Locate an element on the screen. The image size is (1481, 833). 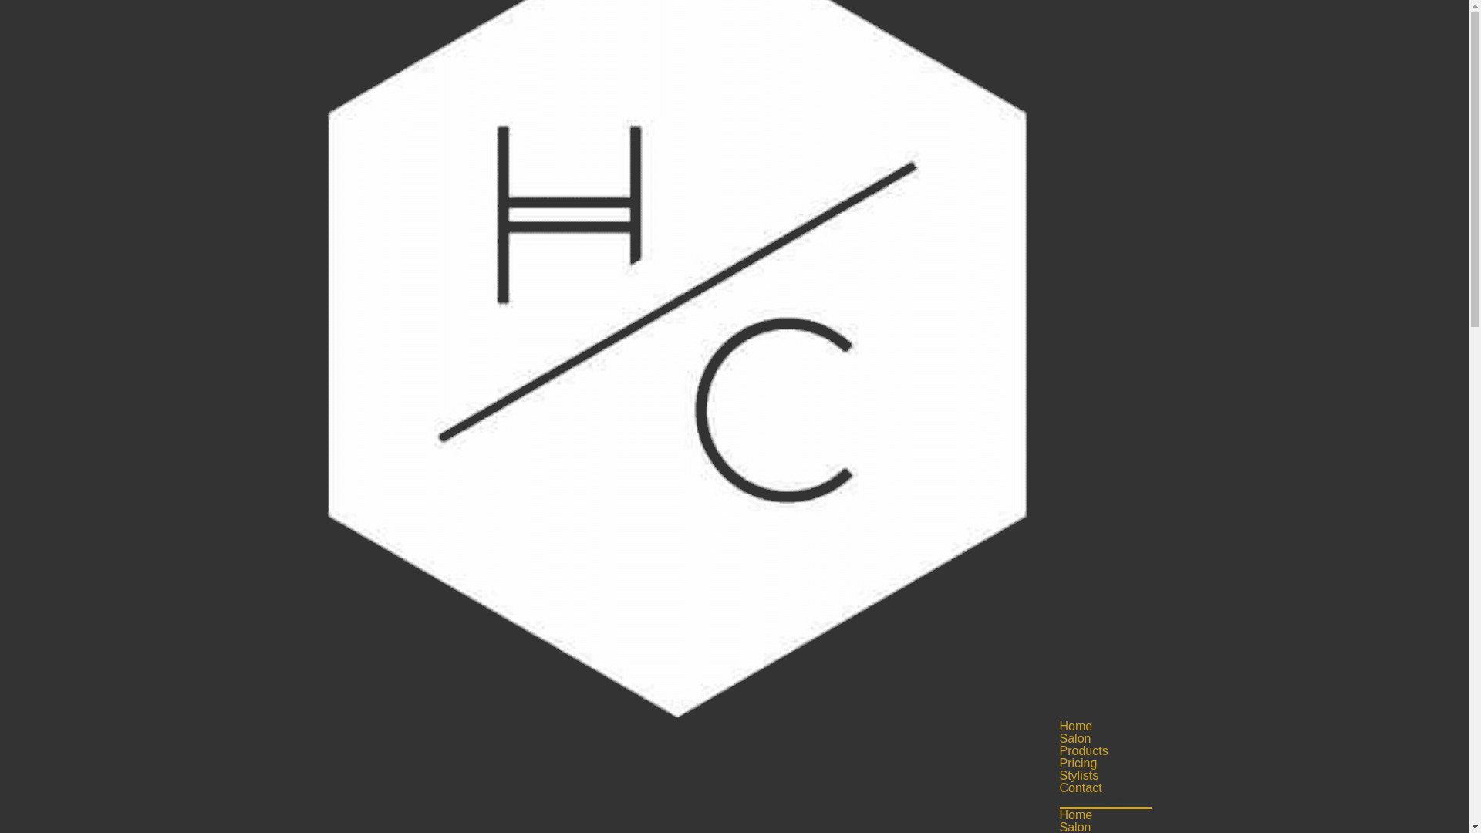
'Stylists' is located at coordinates (1078, 776).